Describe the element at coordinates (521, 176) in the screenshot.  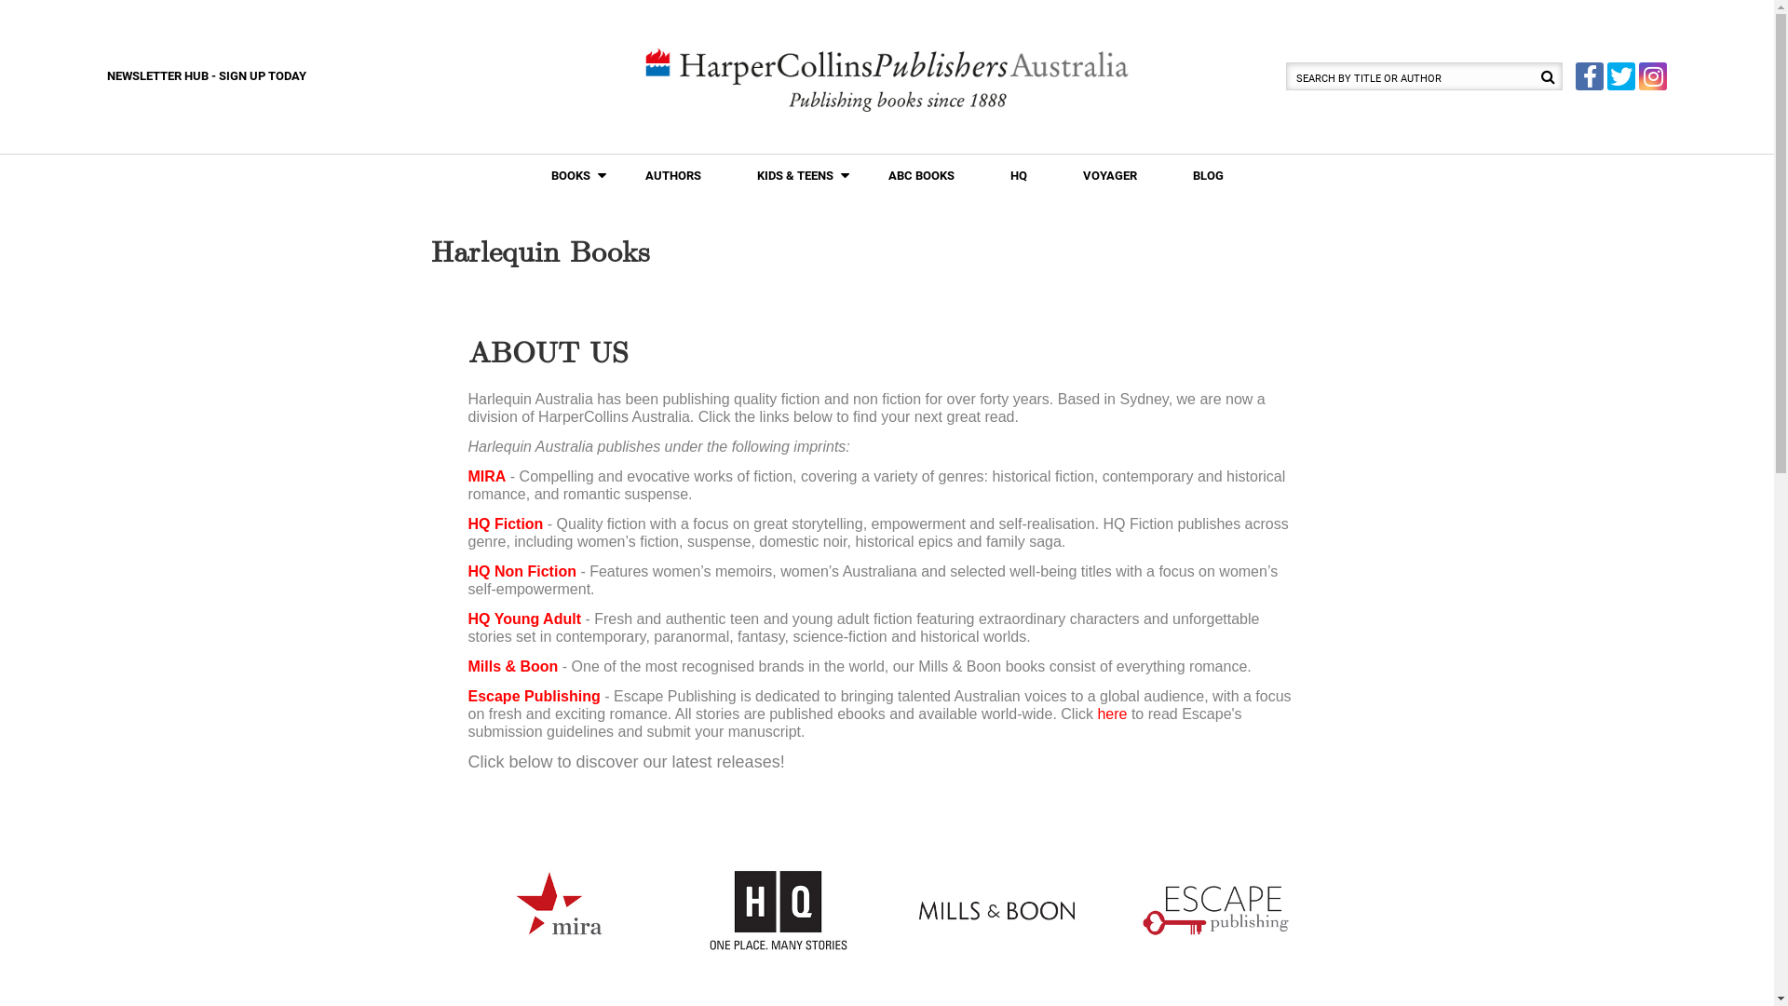
I see `'BOOKS'` at that location.